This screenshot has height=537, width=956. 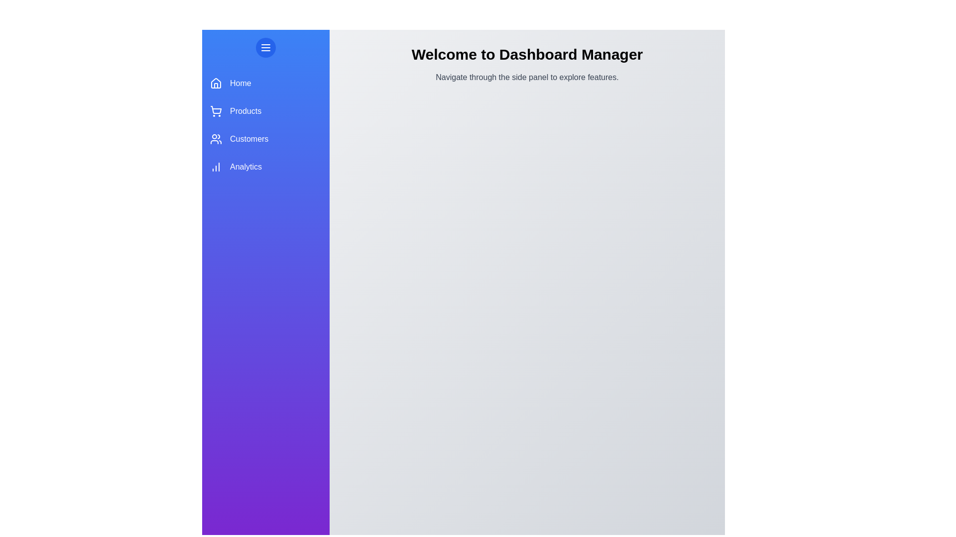 I want to click on the menu button to toggle the drawer, so click(x=265, y=48).